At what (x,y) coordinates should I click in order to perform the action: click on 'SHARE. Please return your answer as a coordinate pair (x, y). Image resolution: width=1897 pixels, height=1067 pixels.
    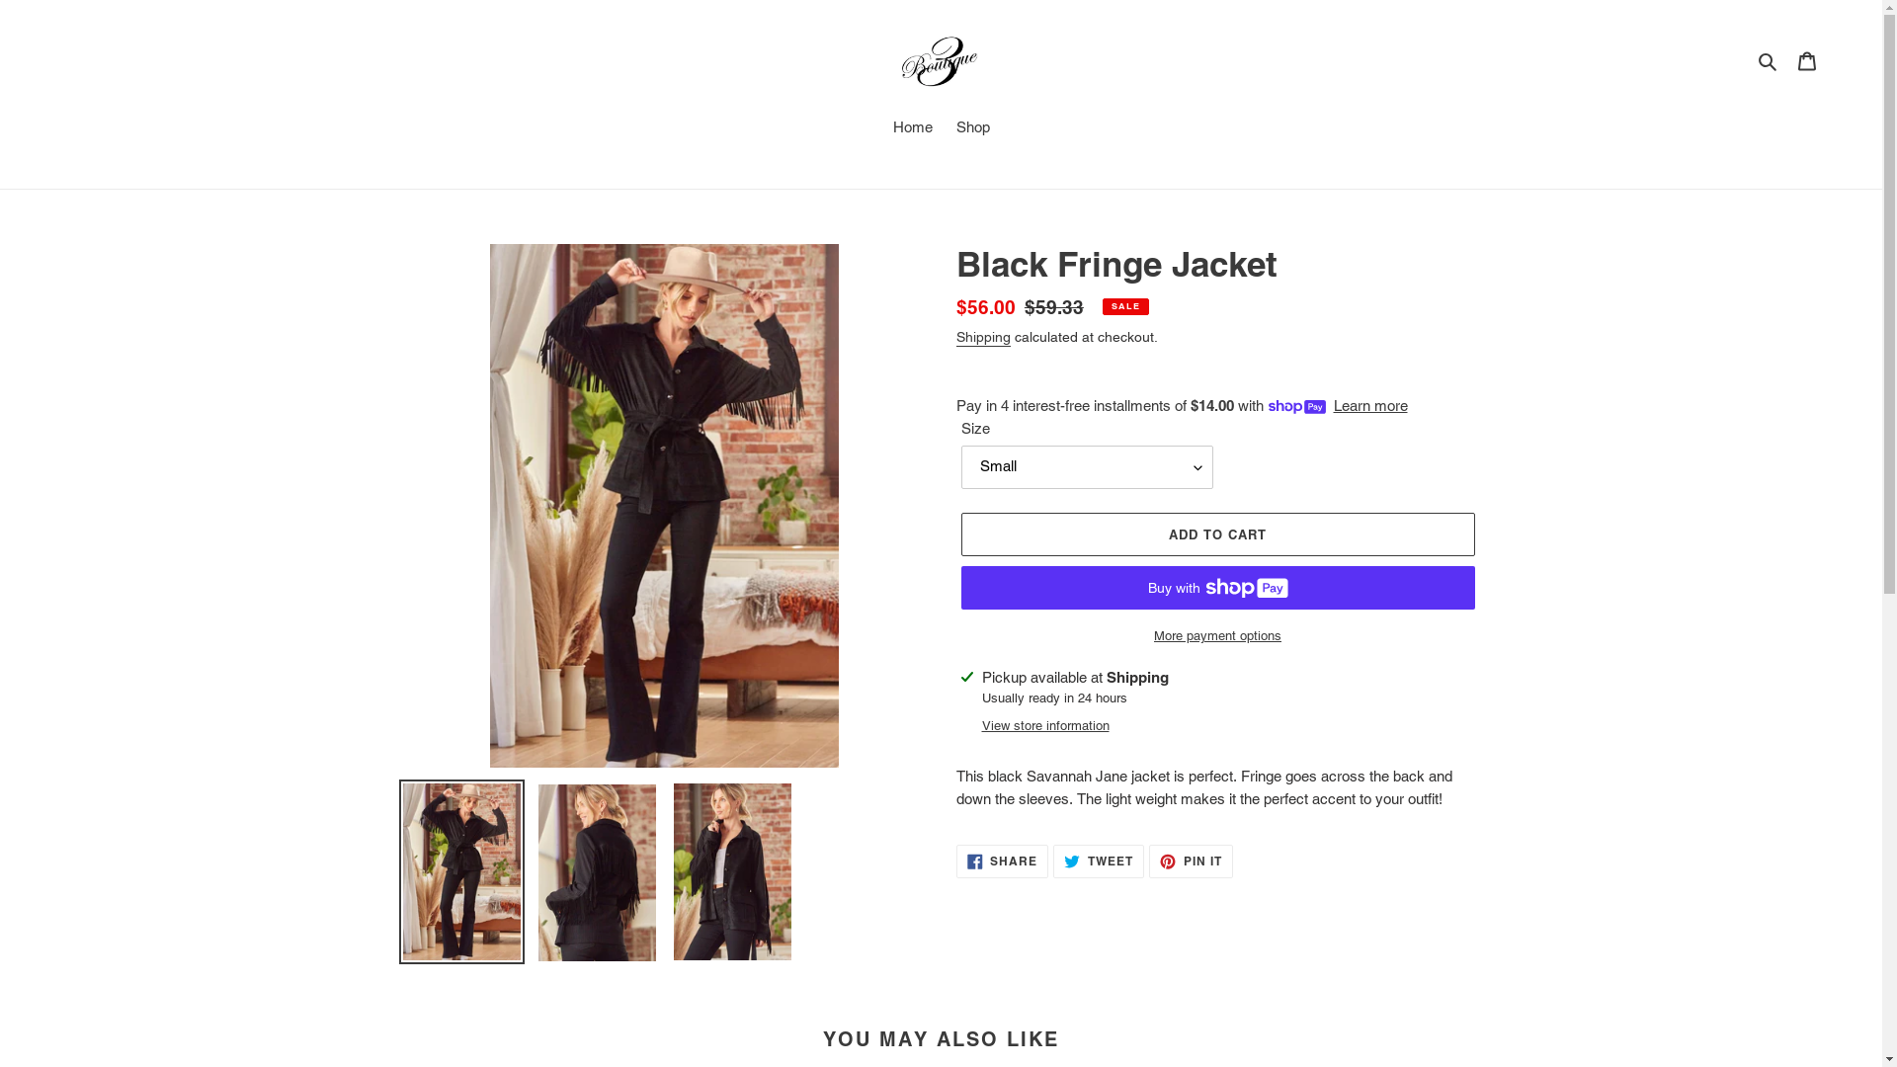
    Looking at the image, I should click on (1002, 860).